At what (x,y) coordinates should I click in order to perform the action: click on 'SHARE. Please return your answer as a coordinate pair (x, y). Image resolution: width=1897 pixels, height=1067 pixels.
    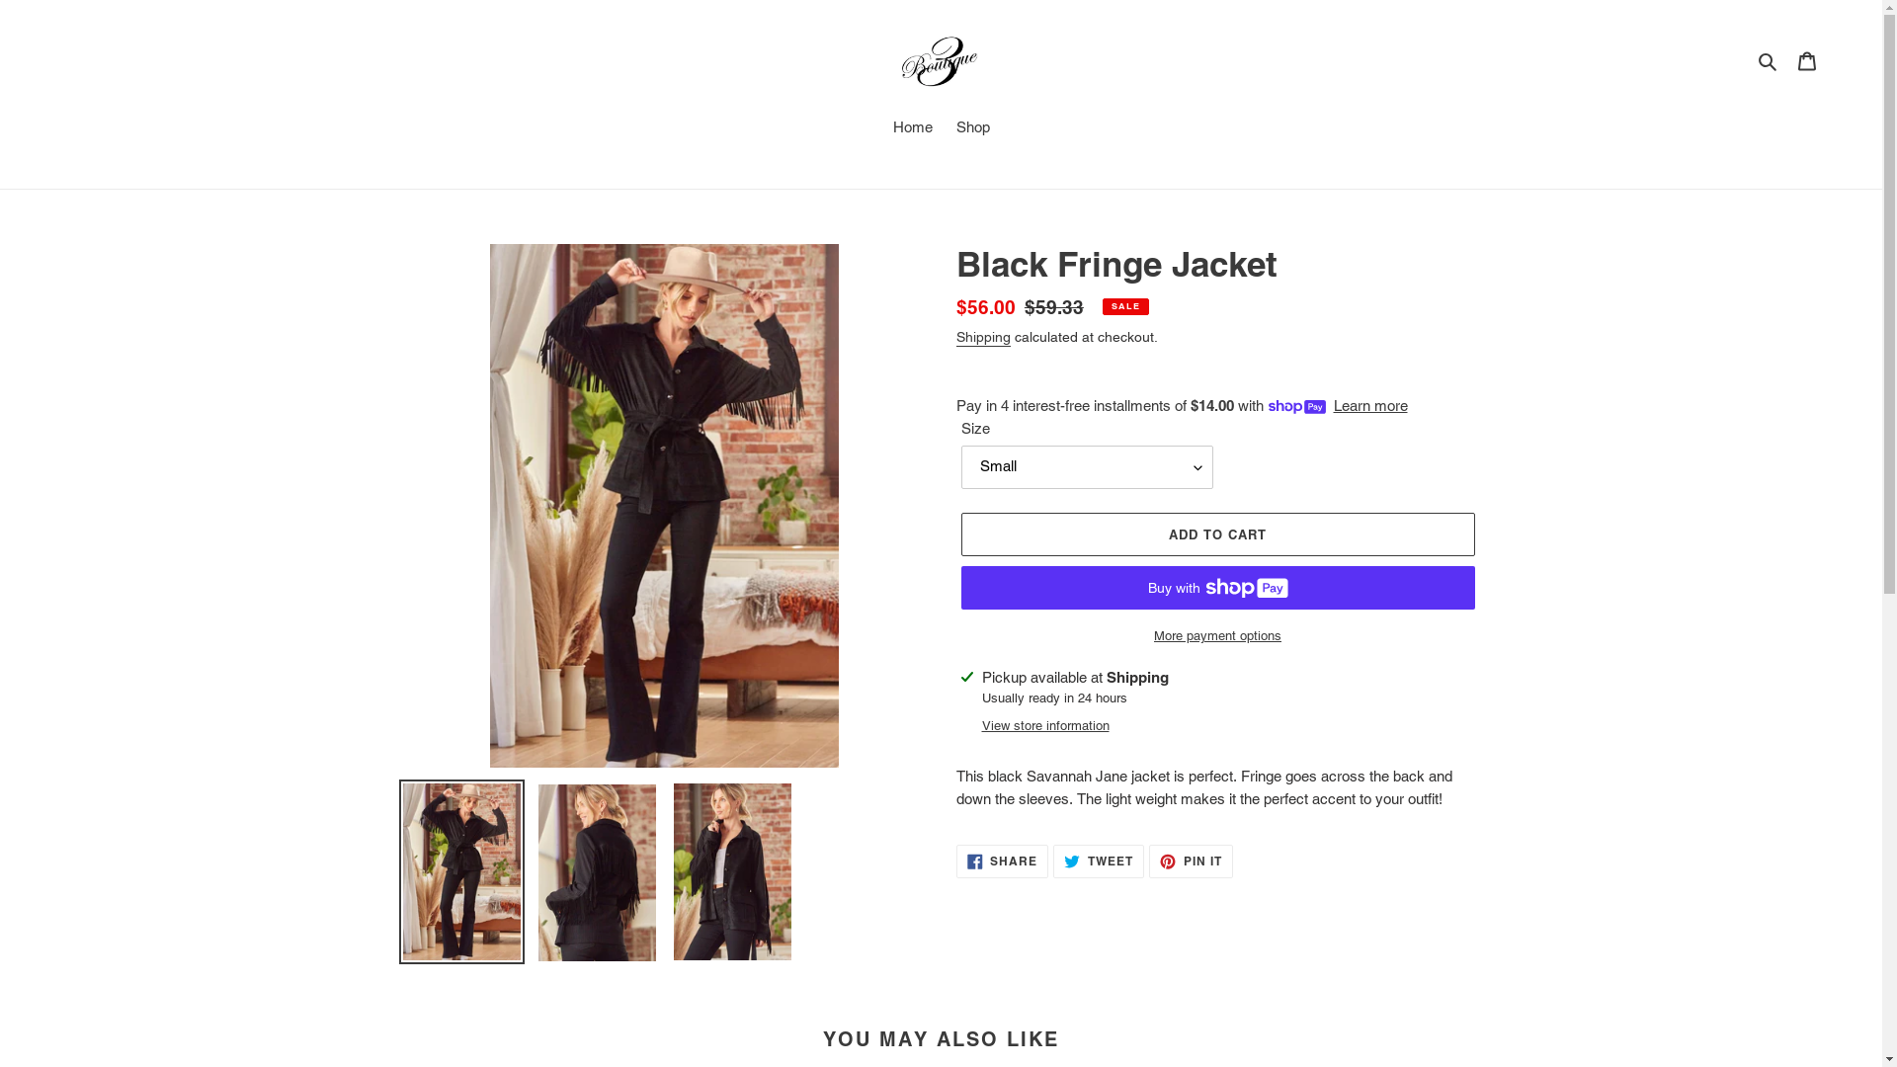
    Looking at the image, I should click on (1002, 860).